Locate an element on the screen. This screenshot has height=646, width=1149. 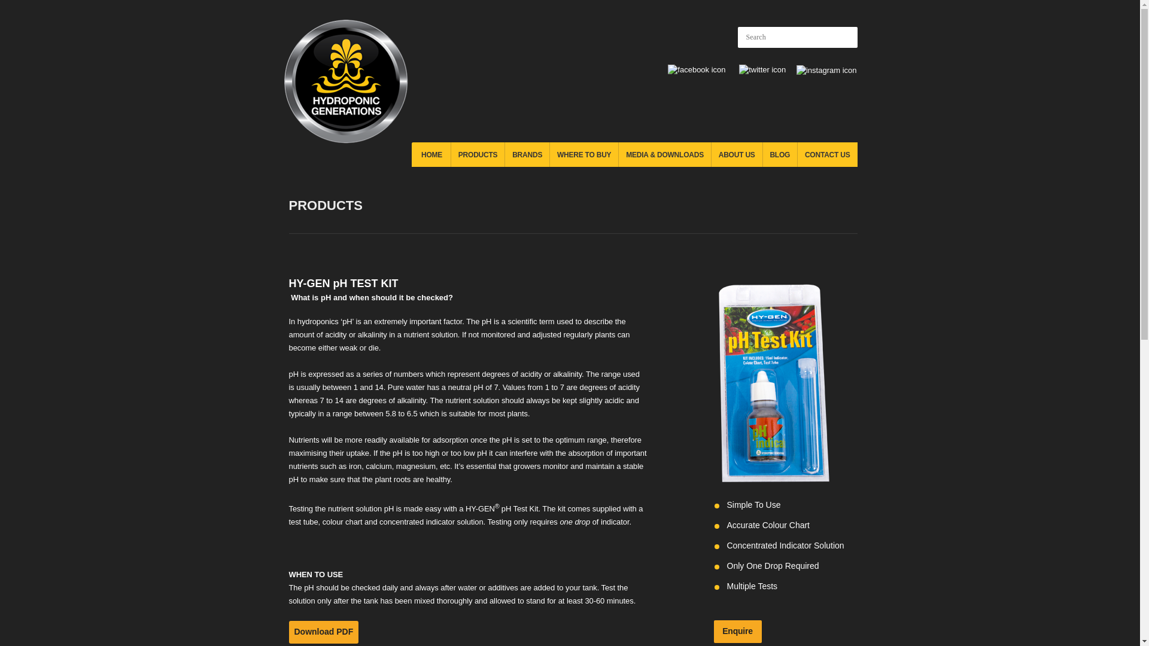
'Download PDF' is located at coordinates (323, 631).